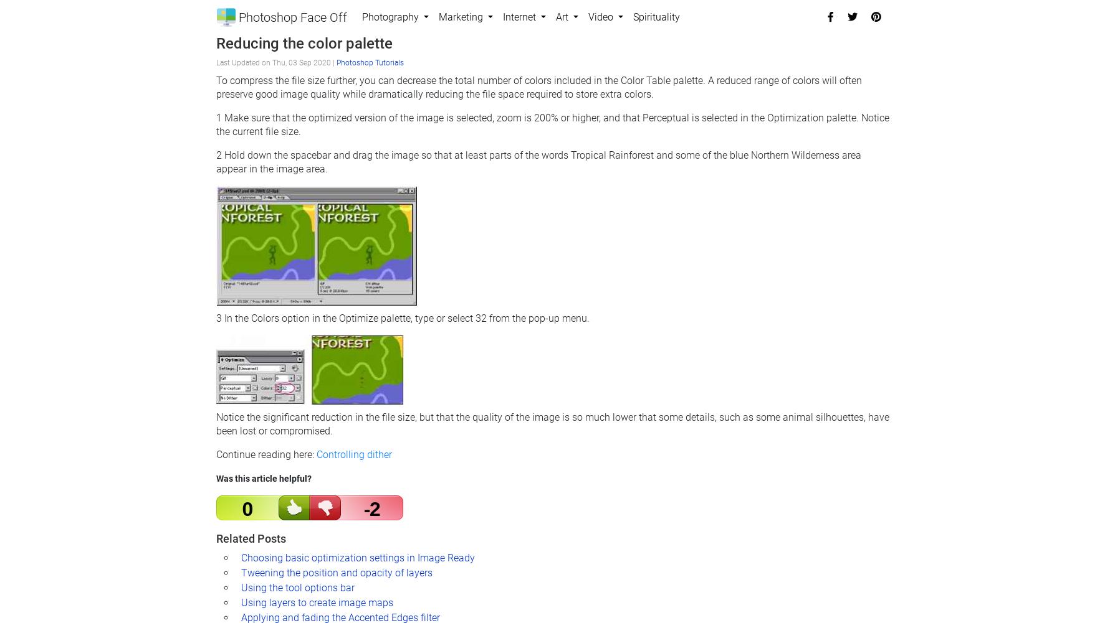 This screenshot has height=623, width=1105. Describe the element at coordinates (333, 61) in the screenshot. I see `'|'` at that location.